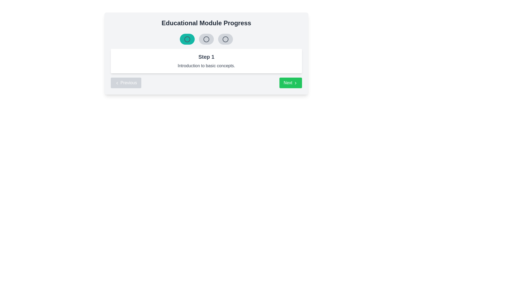  Describe the element at coordinates (226, 39) in the screenshot. I see `the circular progress indicator button with a gray background, located inline with two other similar buttons above 'Step 1' and below the header 'Educational Module Progress'` at that location.